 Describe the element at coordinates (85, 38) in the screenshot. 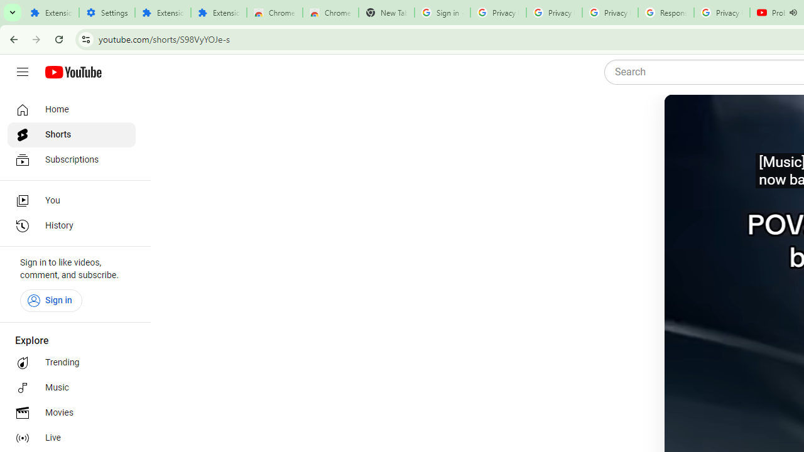

I see `'View site information'` at that location.